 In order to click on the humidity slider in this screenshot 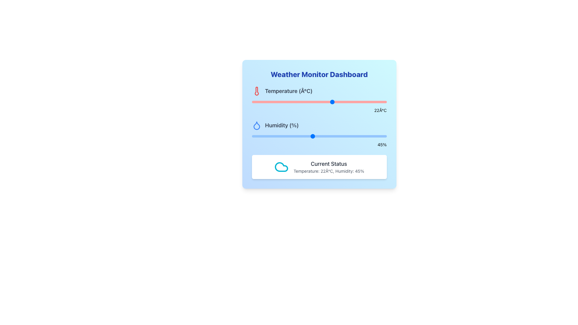, I will do `click(257, 136)`.